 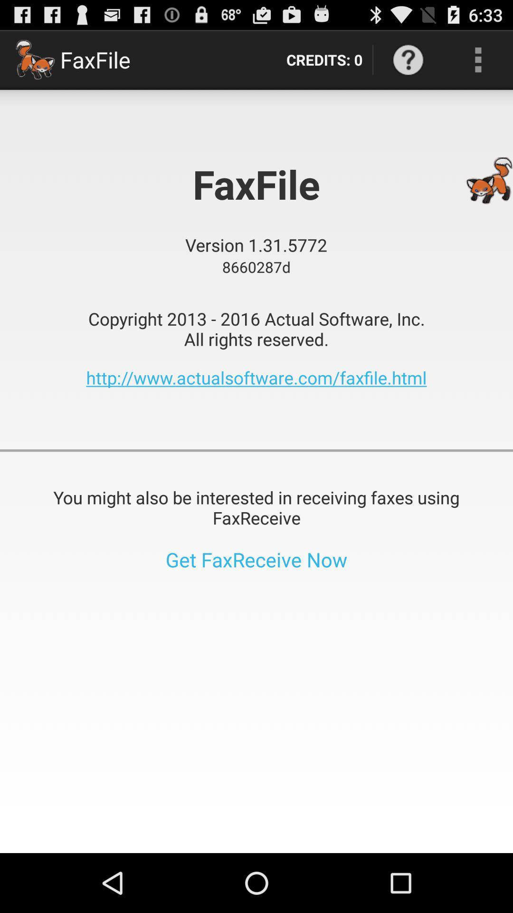 I want to click on credits: 0, so click(x=324, y=59).